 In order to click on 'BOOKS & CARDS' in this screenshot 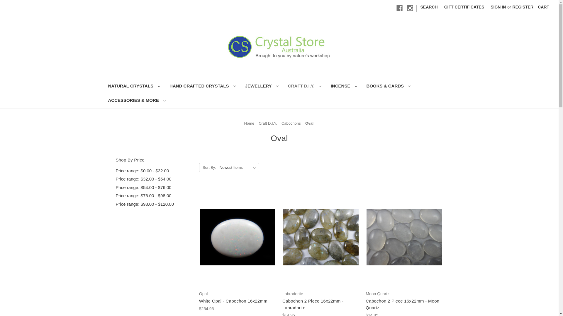, I will do `click(389, 87)`.